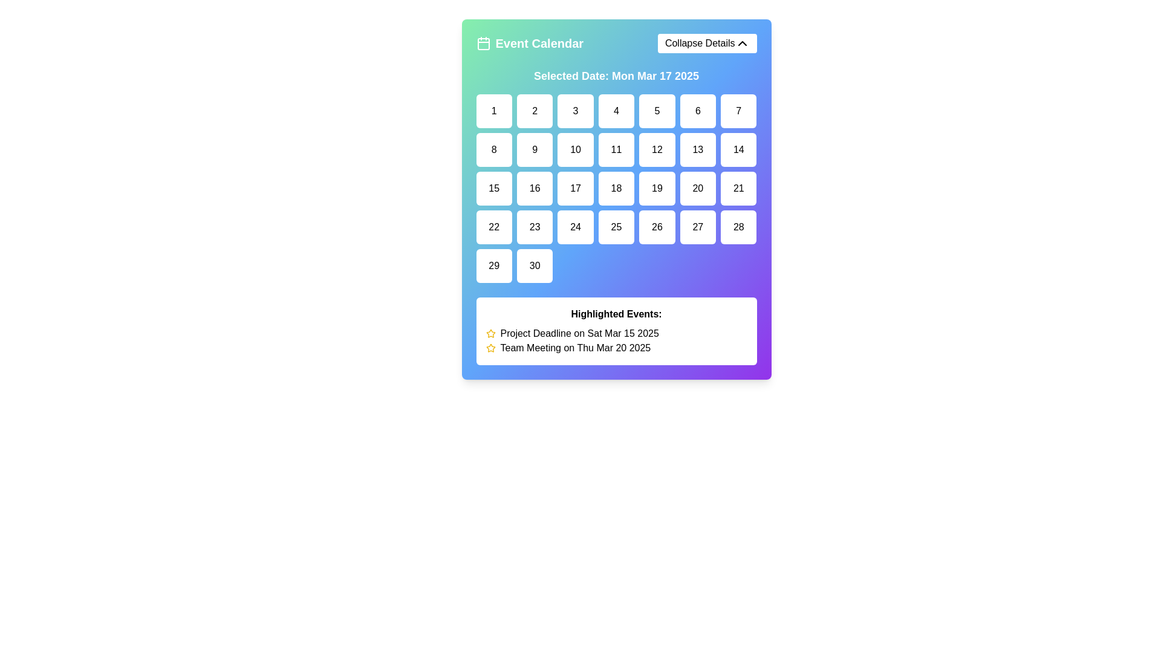 The width and height of the screenshot is (1161, 653). What do you see at coordinates (698, 111) in the screenshot?
I see `the sixth button representing the sixth day in the calendar view located in the top row of a grid` at bounding box center [698, 111].